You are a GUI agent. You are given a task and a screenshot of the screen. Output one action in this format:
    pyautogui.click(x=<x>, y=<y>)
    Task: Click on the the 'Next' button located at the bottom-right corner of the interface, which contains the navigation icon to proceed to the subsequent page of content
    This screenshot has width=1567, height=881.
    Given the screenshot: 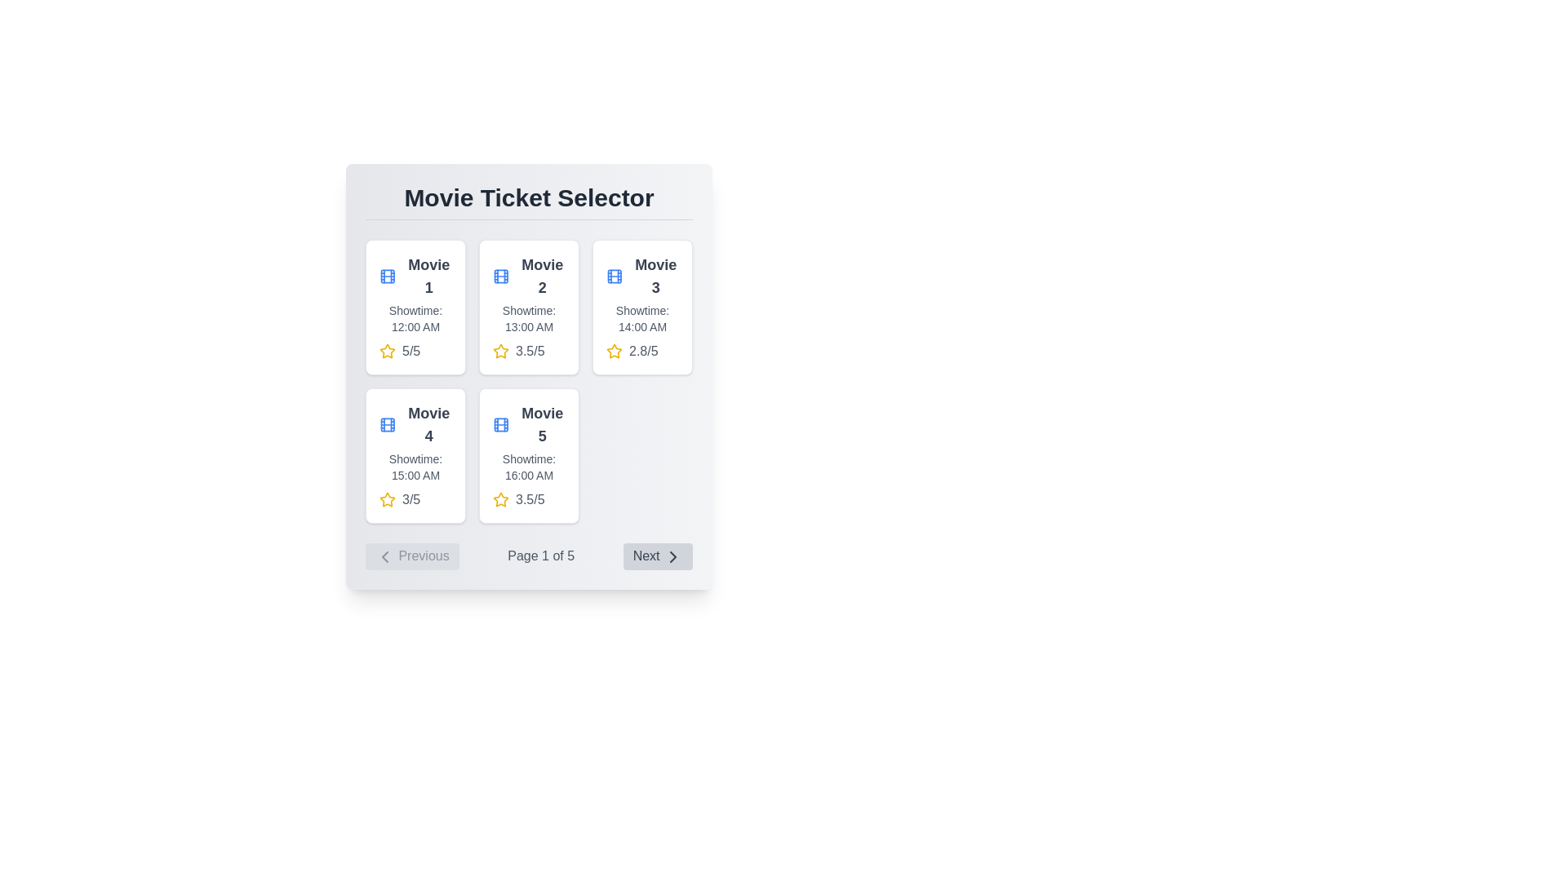 What is the action you would take?
    pyautogui.click(x=673, y=556)
    